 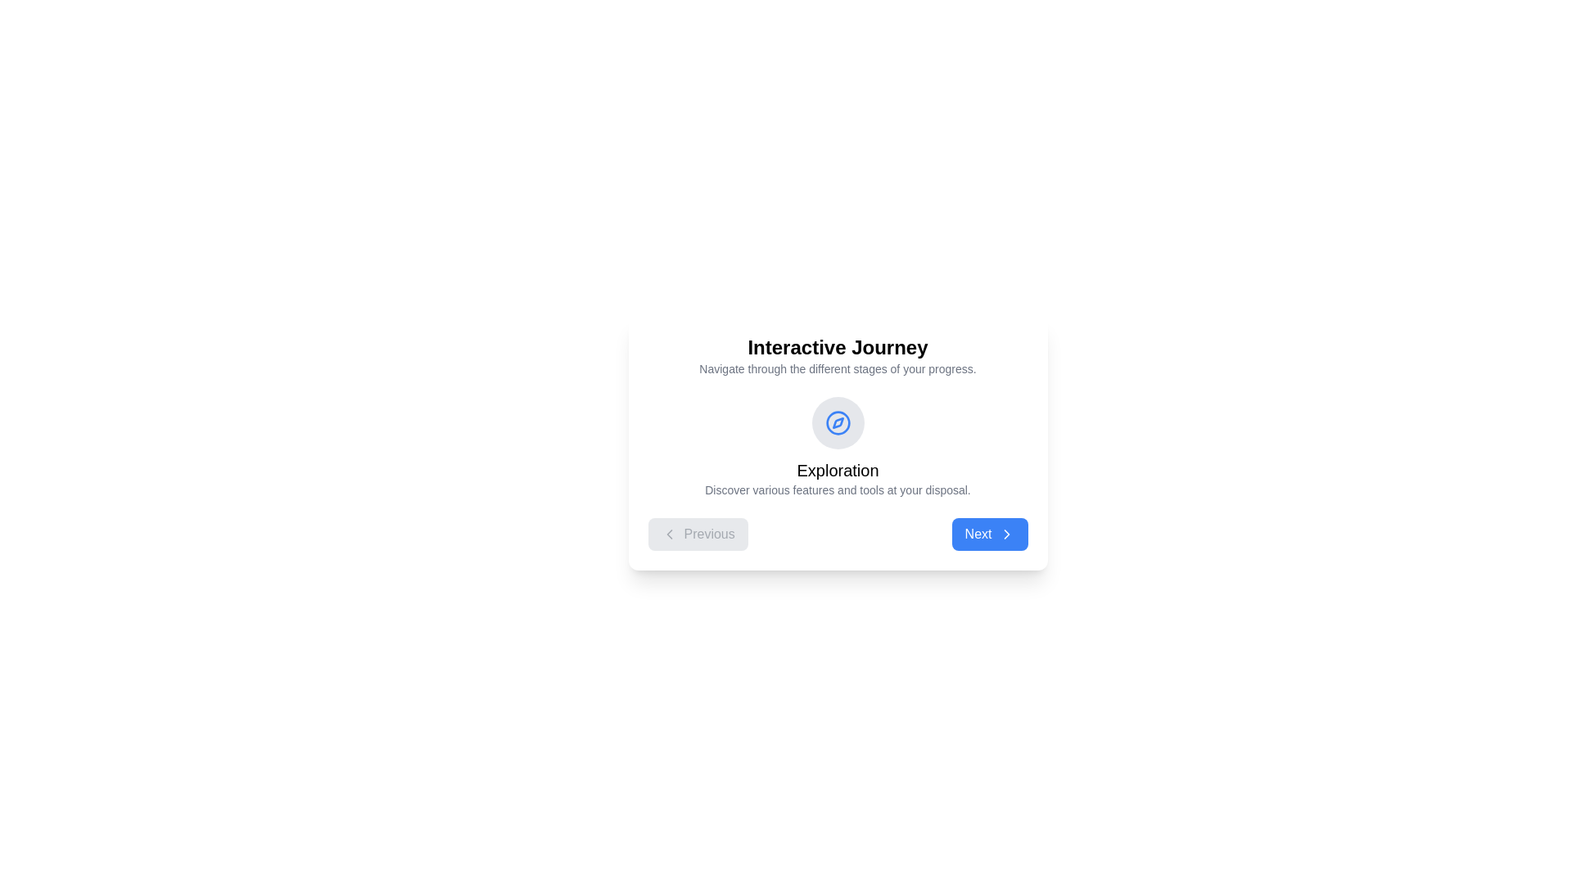 What do you see at coordinates (838, 448) in the screenshot?
I see `text within the Feature card, which includes the heading 'Exploration' and the description 'Discover various features and tools at your disposal.'` at bounding box center [838, 448].